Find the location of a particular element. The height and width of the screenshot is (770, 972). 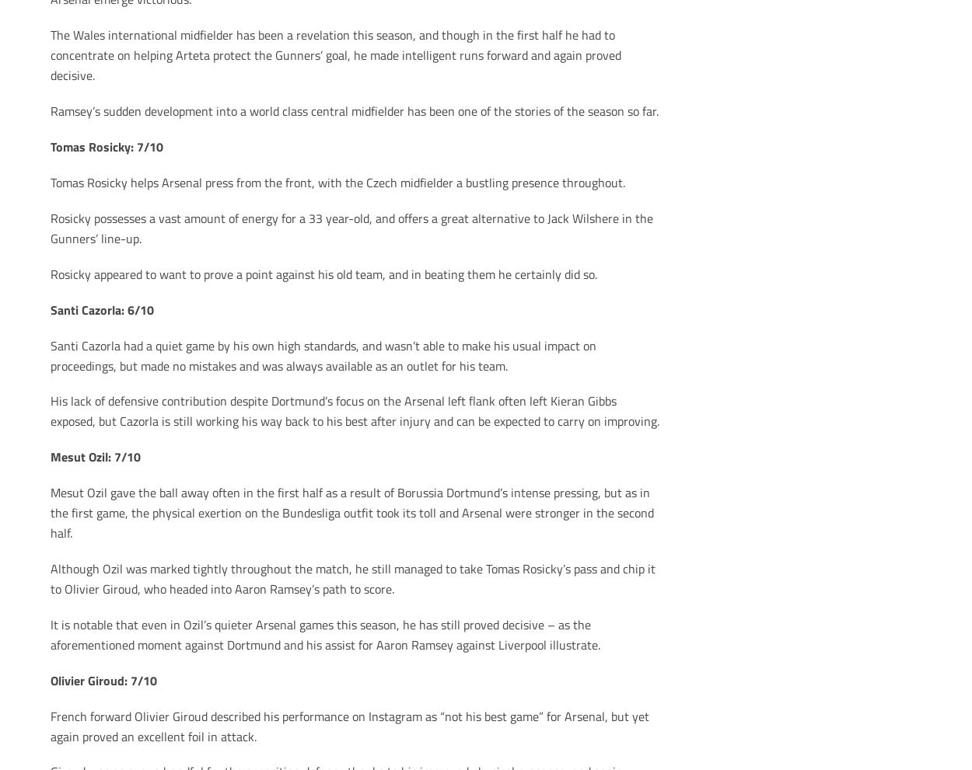

'Mesut Ozil gave the ball away often in the first half as a result of Borussia Dortmund’s intense pressing, but as in the first game, the physical exertion on the Bundesliga outfit took its toll and Arsenal were stronger in the second half.' is located at coordinates (350, 512).